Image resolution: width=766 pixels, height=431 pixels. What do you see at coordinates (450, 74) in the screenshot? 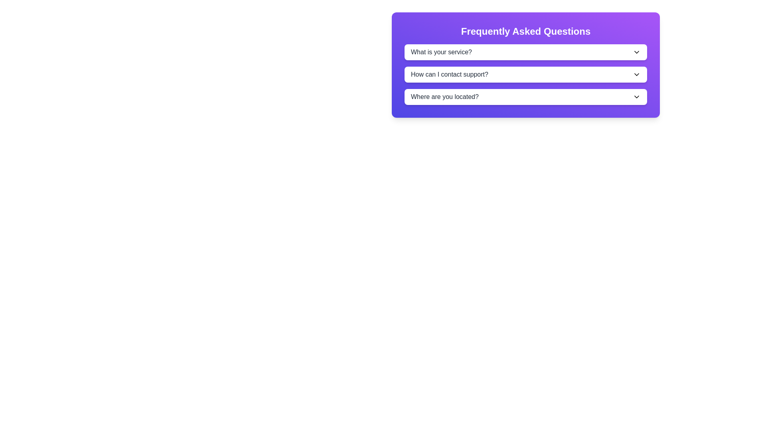
I see `the static text label displaying the question 'How can I contact support?' located in the second question row of the purple panel labeled 'Frequently Asked Questions'` at bounding box center [450, 74].